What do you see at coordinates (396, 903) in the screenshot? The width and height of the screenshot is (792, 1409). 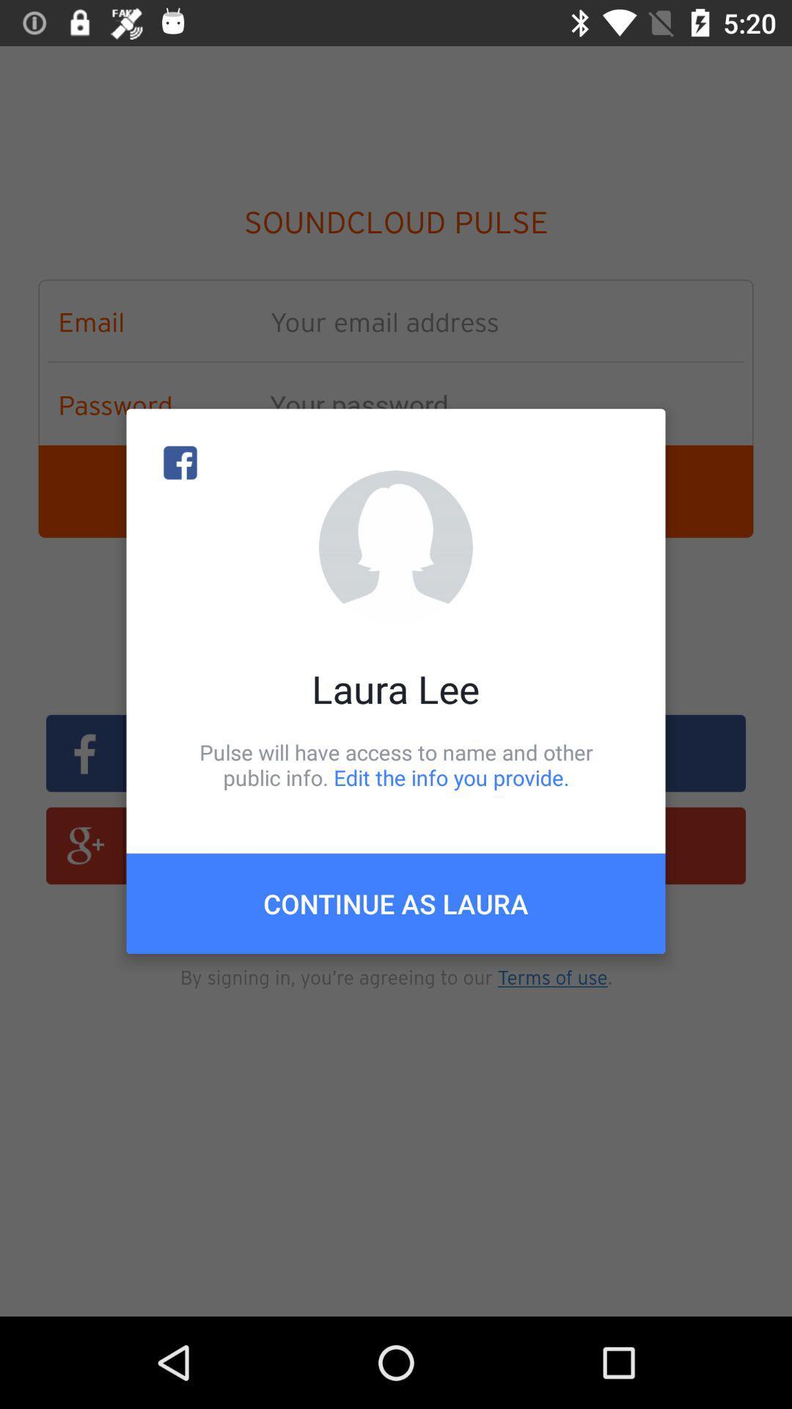 I see `the icon below pulse will have icon` at bounding box center [396, 903].